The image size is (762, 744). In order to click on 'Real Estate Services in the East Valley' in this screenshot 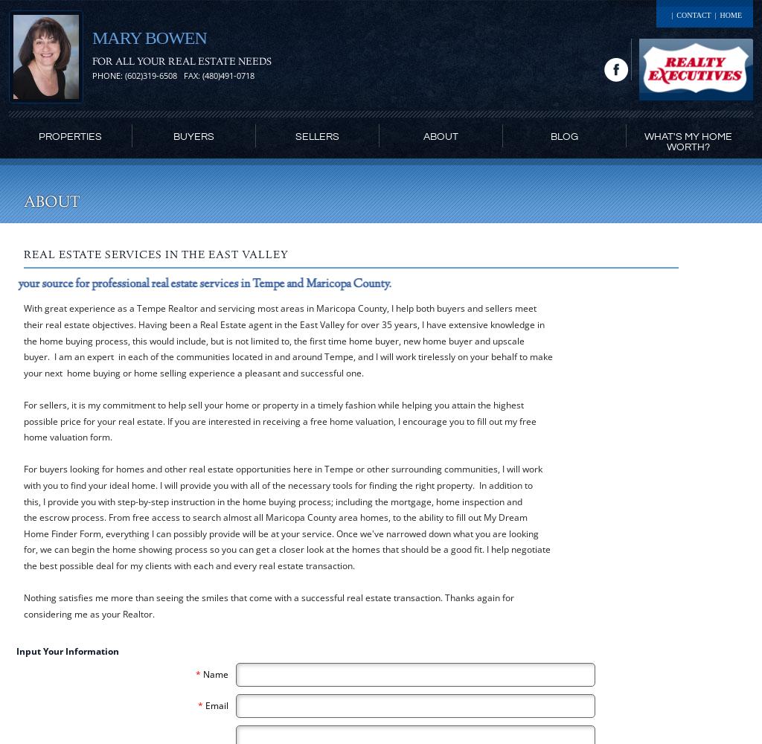, I will do `click(156, 255)`.